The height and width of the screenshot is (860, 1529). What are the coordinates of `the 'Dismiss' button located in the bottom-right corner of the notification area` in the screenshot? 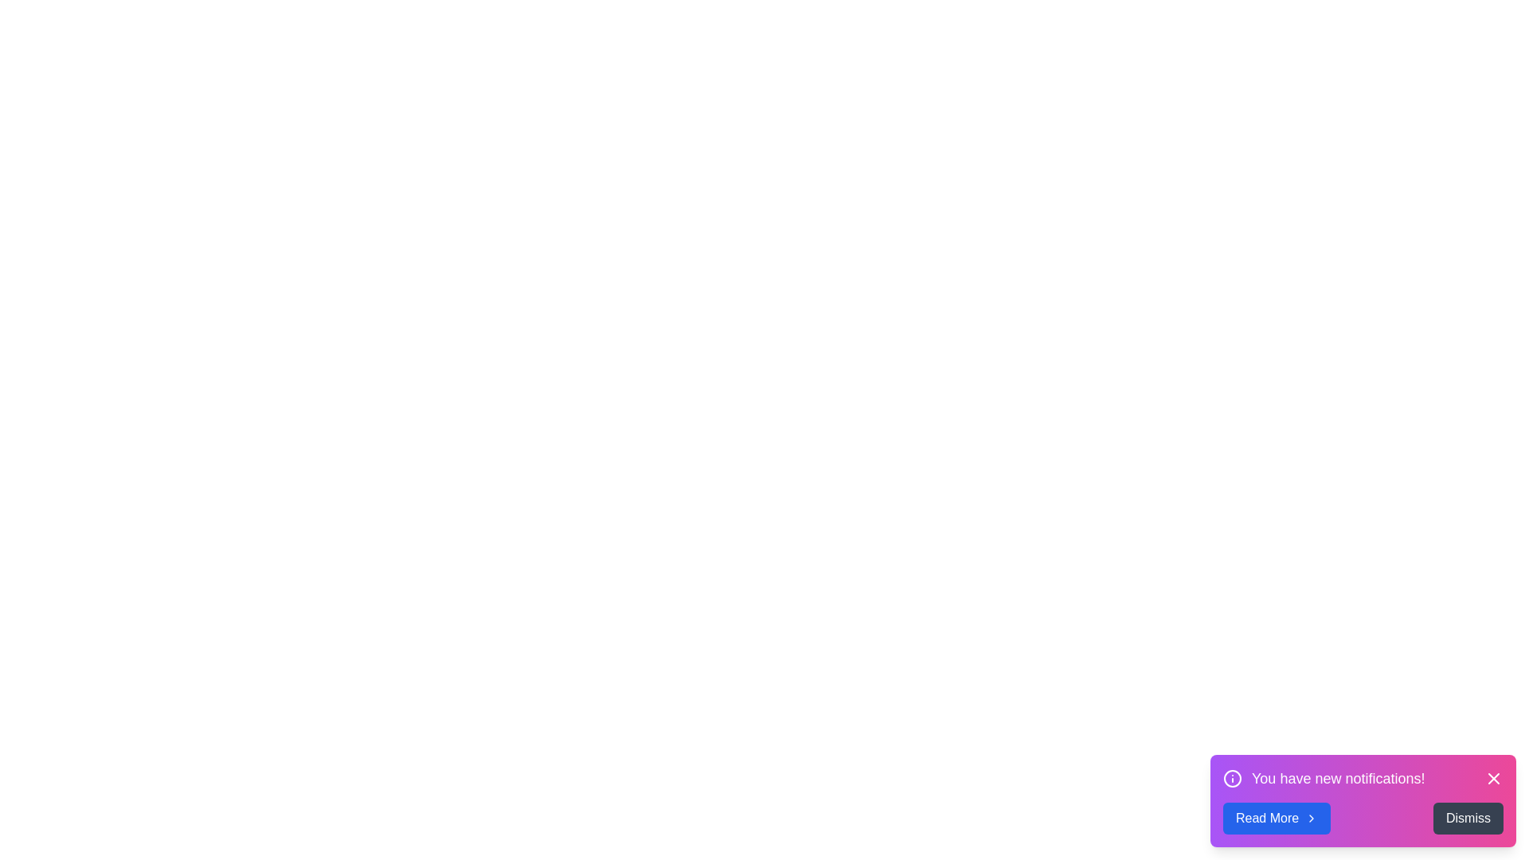 It's located at (1467, 819).